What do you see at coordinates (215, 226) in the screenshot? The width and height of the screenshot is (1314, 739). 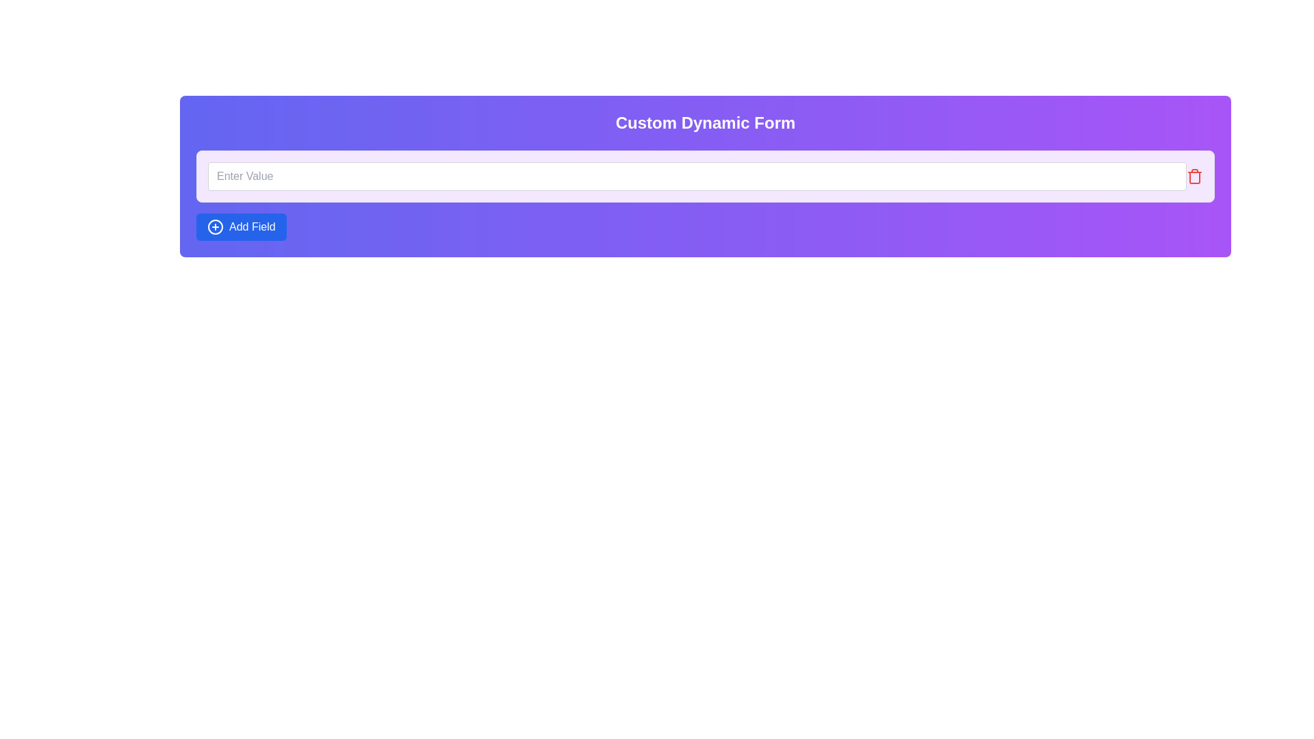 I see `the visual cue of the 'Add Field' button icon located at the bottom left of the dynamic form interface, which indicates the functionality of adding additional input fields` at bounding box center [215, 226].